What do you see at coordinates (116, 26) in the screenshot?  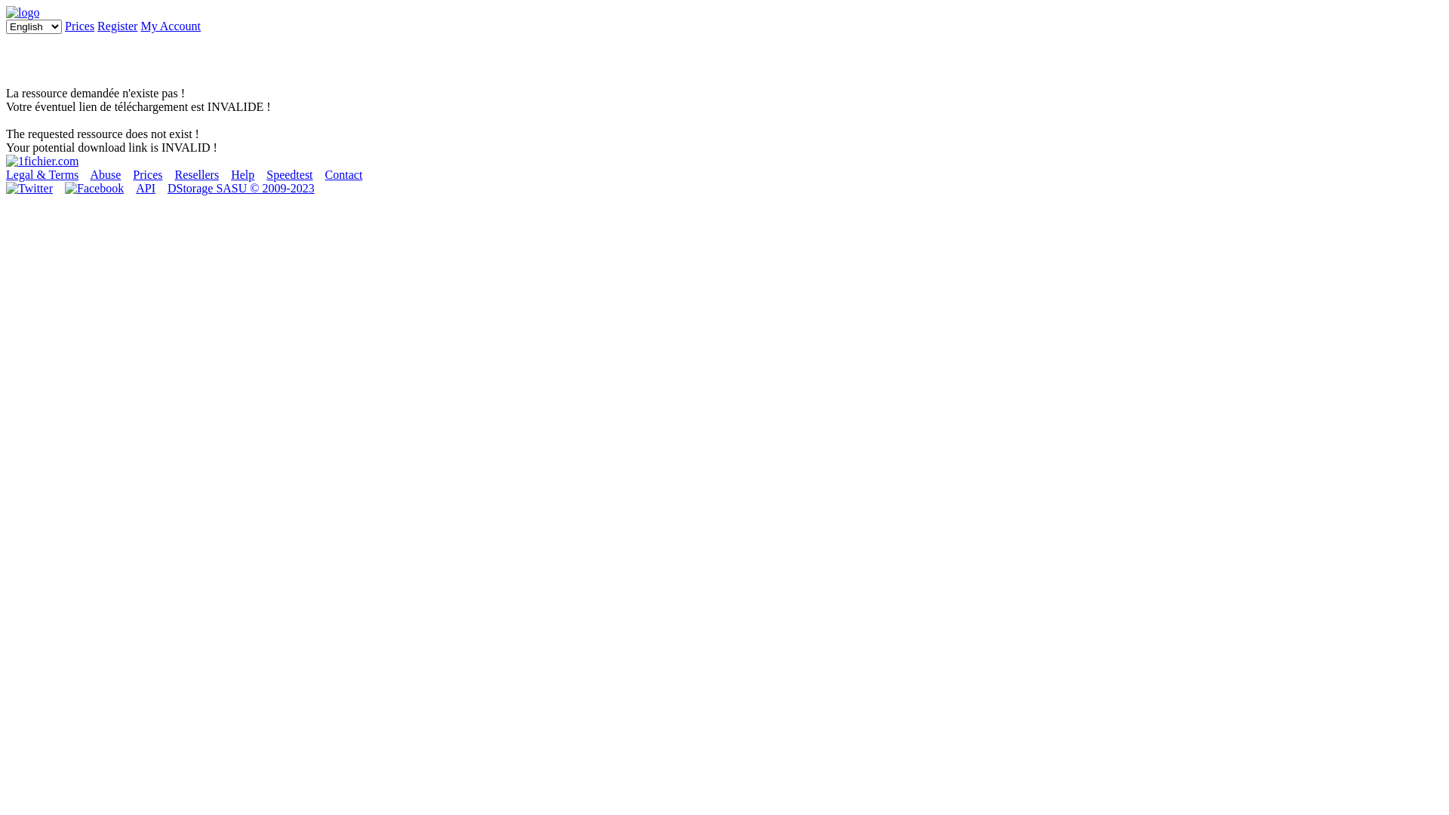 I see `'Register'` at bounding box center [116, 26].